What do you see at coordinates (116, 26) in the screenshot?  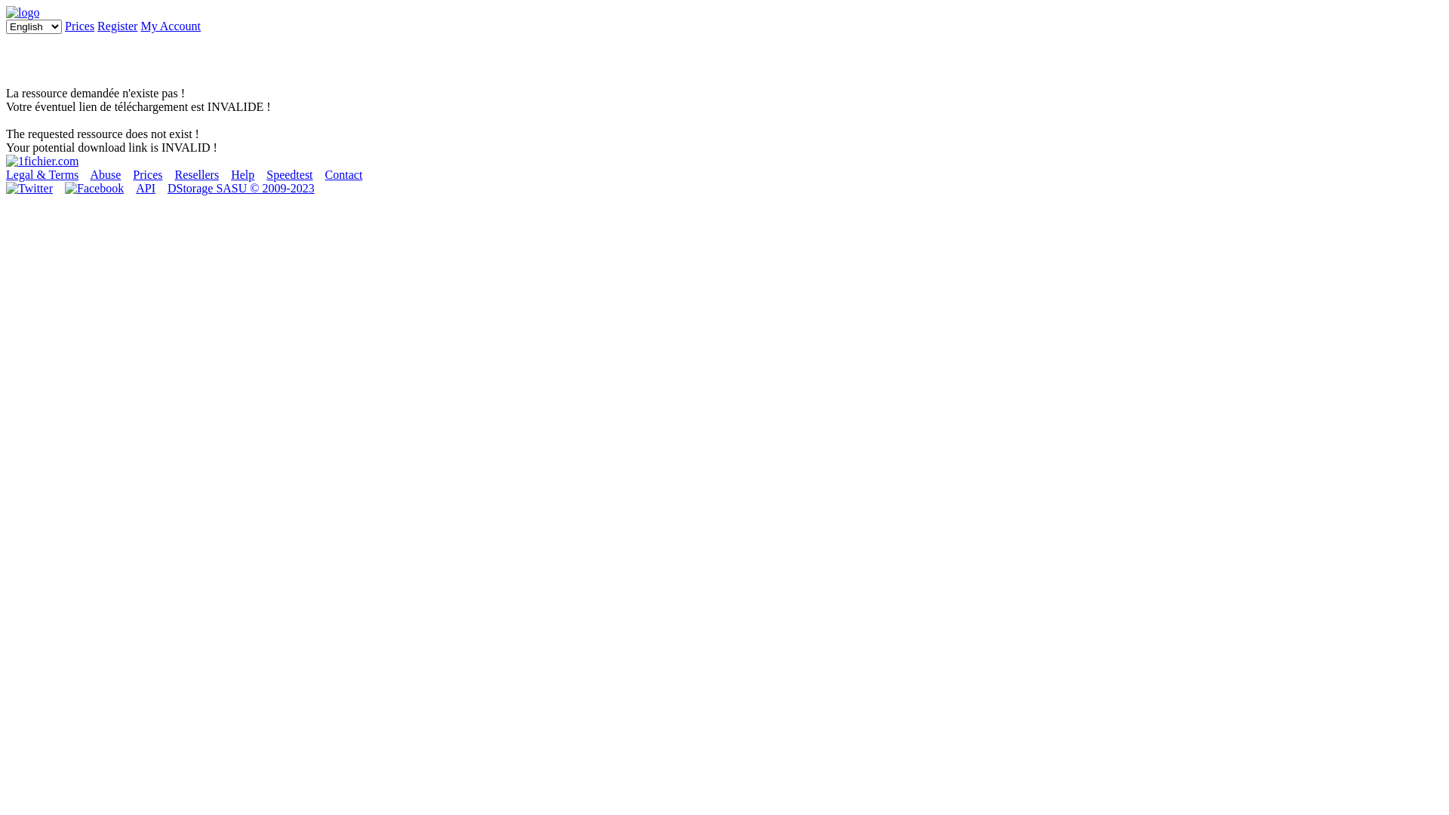 I see `'Register'` at bounding box center [116, 26].